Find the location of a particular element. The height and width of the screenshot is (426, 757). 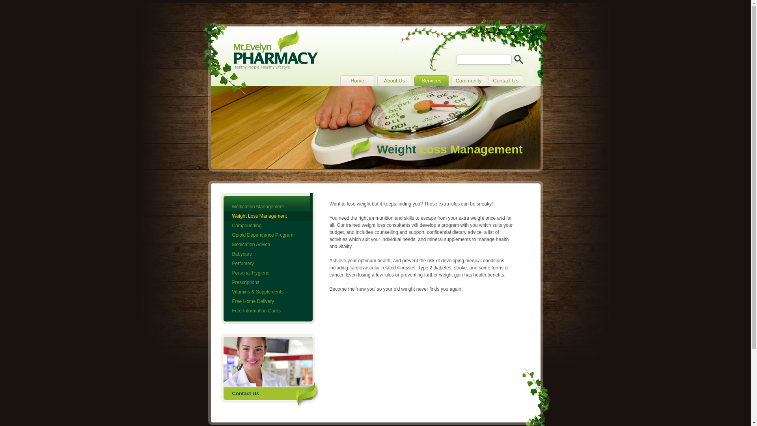

'Contact Us' is located at coordinates (270, 371).